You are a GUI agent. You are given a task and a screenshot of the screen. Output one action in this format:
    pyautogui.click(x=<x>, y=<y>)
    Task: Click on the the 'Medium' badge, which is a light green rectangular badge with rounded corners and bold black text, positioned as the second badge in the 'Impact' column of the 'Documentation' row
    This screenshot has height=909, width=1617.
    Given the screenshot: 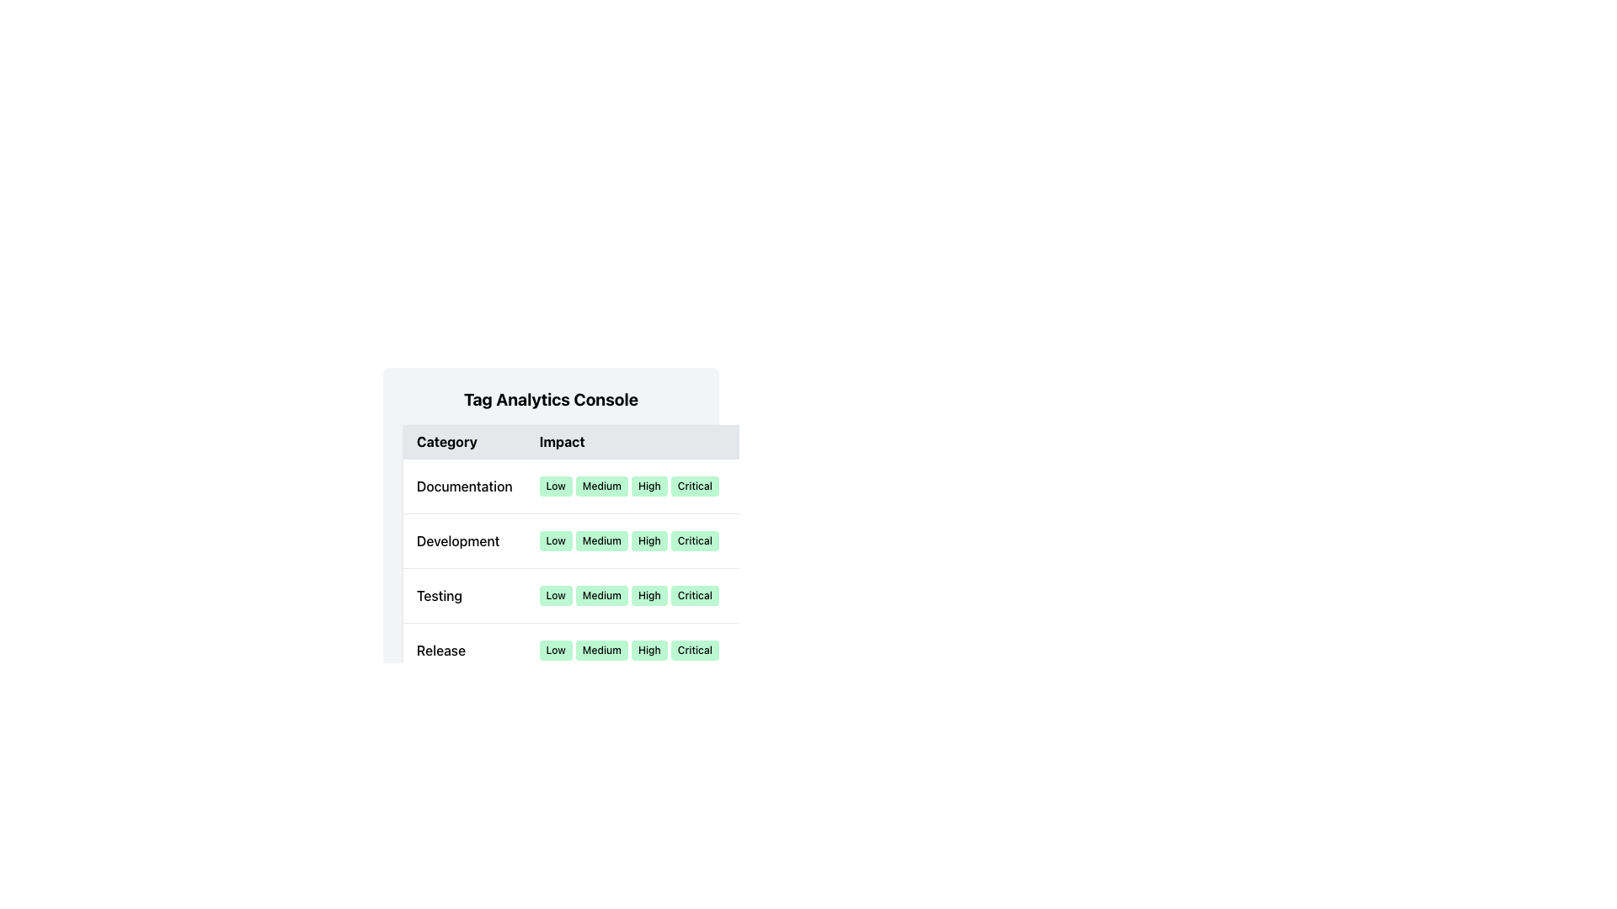 What is the action you would take?
    pyautogui.click(x=601, y=486)
    